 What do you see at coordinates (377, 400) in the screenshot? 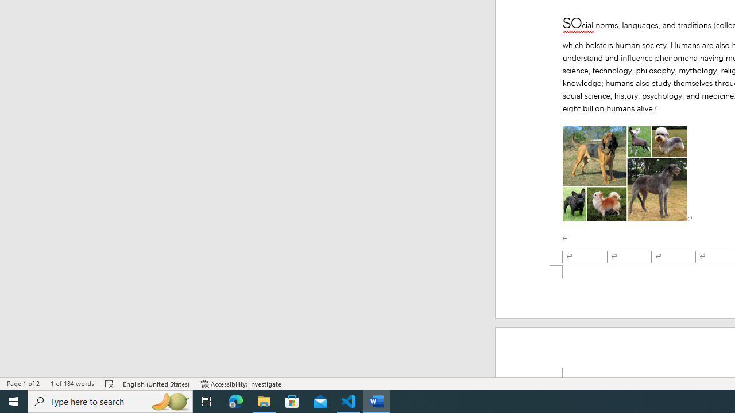
I see `'Word - 1 running window'` at bounding box center [377, 400].